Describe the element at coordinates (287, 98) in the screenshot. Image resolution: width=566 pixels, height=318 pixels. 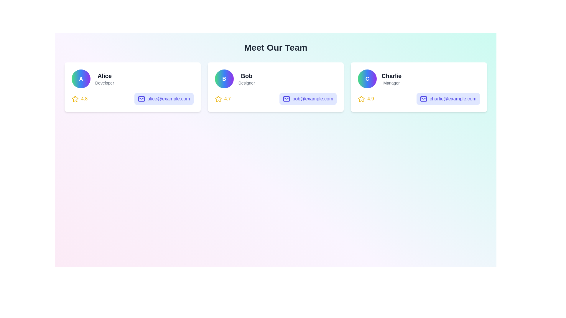
I see `the email icon associated with 'Bob' in the contact details section, which represents the email functionality for 'bob@example.com'` at that location.